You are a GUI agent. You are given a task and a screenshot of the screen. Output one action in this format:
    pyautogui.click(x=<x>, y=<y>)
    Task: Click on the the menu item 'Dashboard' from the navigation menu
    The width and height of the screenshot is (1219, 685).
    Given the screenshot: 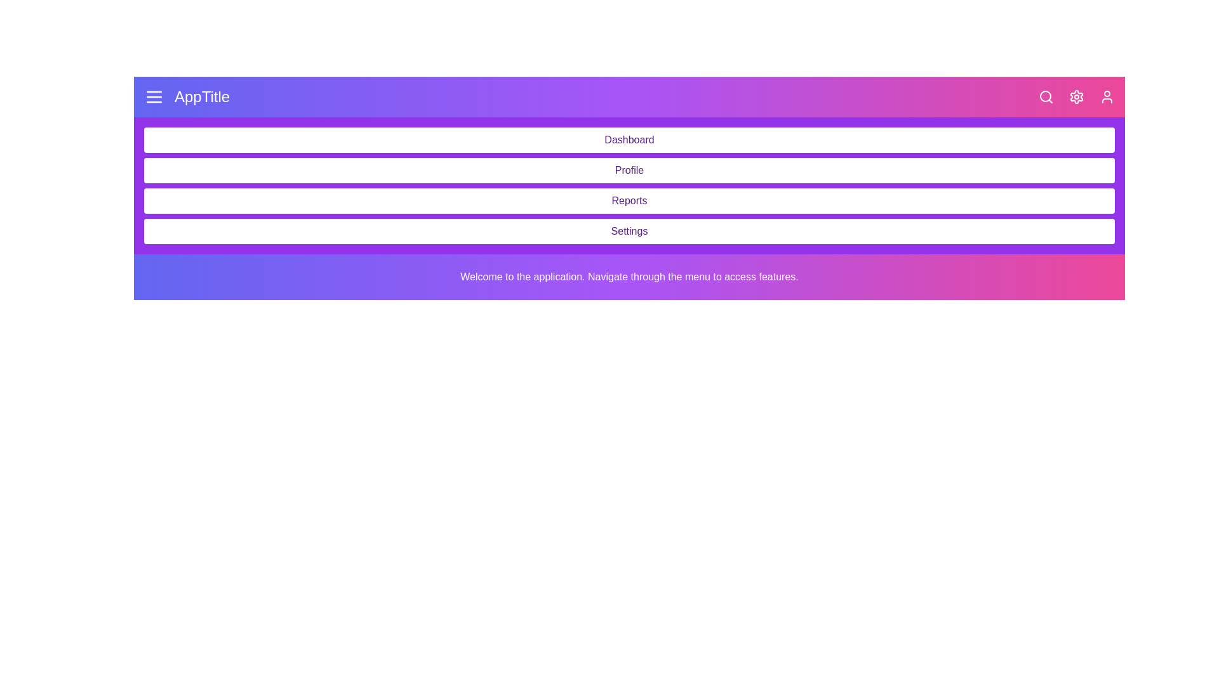 What is the action you would take?
    pyautogui.click(x=629, y=140)
    